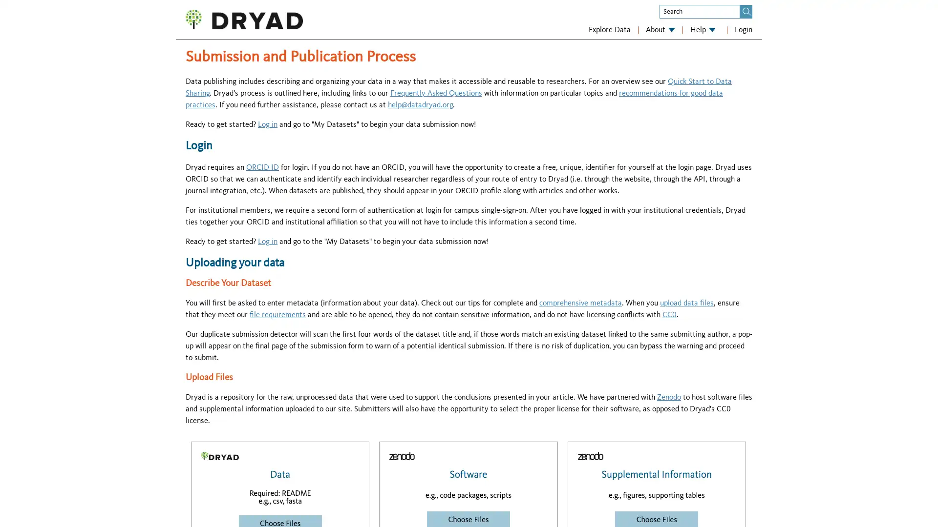 Image resolution: width=938 pixels, height=527 pixels. Describe the element at coordinates (746, 11) in the screenshot. I see `Submit search` at that location.